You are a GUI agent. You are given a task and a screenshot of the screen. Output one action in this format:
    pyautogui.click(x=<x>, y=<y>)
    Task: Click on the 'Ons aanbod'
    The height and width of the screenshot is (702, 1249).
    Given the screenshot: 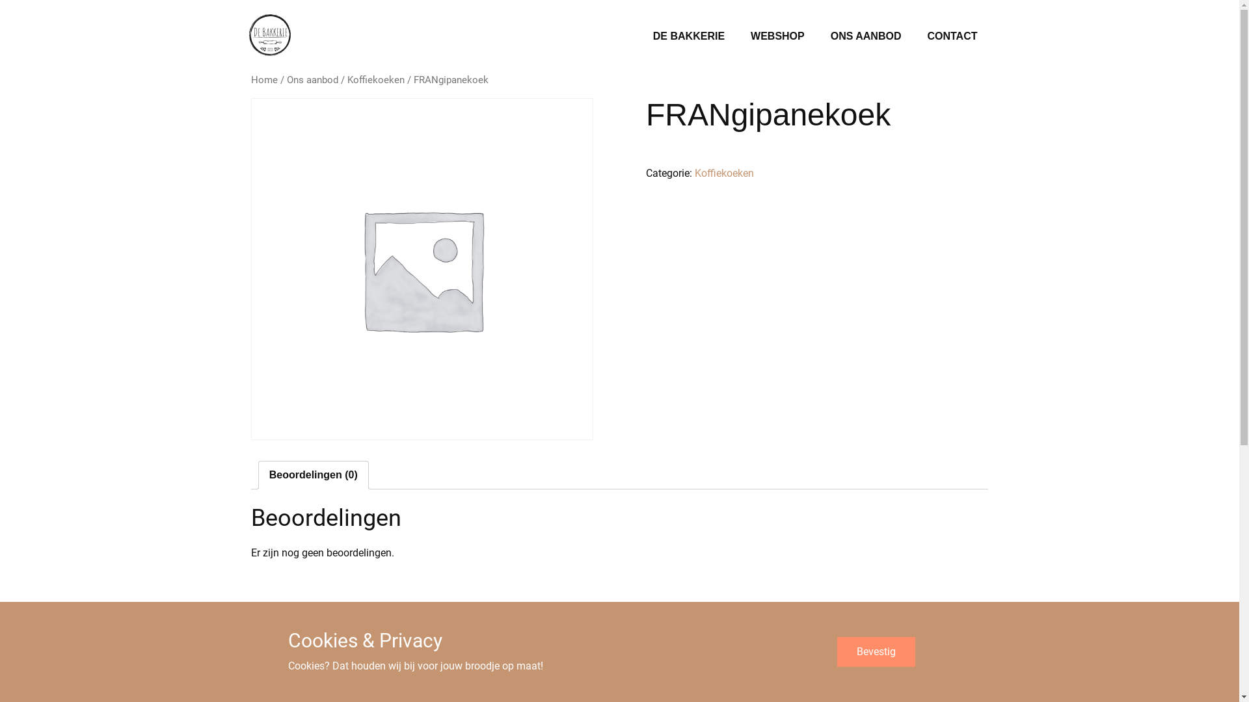 What is the action you would take?
    pyautogui.click(x=312, y=80)
    